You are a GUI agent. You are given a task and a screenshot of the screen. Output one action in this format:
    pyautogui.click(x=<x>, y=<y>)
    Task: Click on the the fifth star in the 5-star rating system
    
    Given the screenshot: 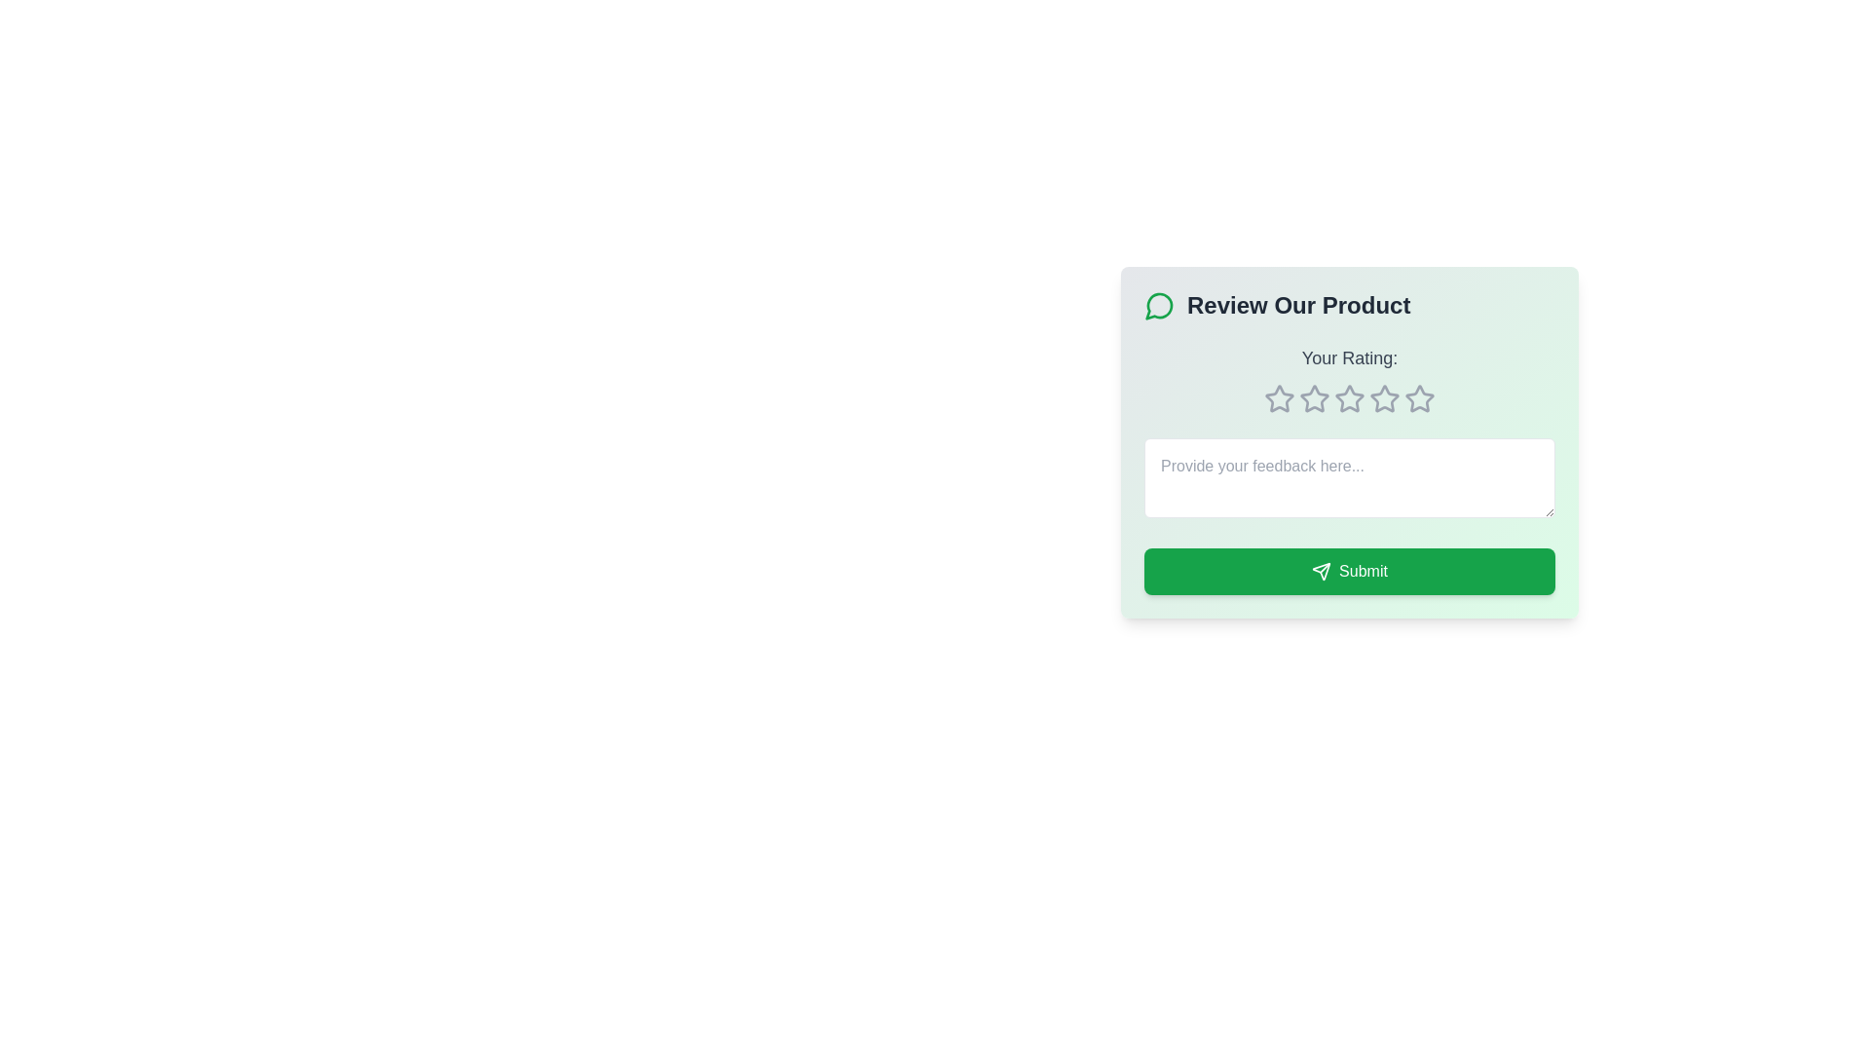 What is the action you would take?
    pyautogui.click(x=1420, y=397)
    